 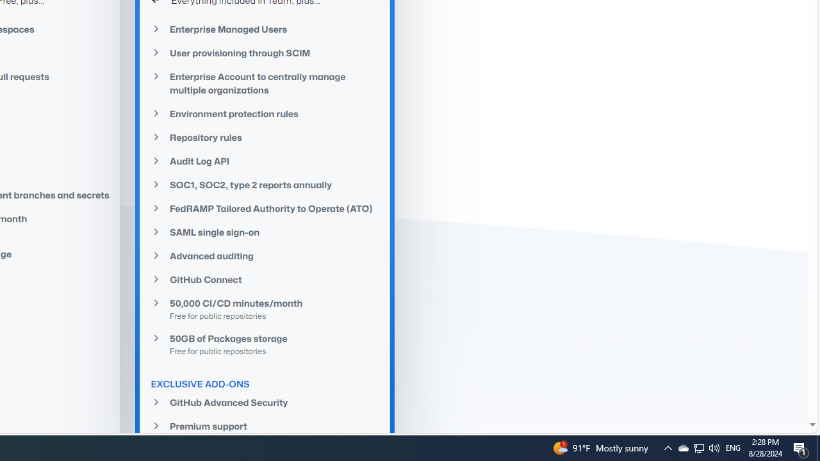 What do you see at coordinates (265, 29) in the screenshot?
I see `'Enterprise Managed Users'` at bounding box center [265, 29].